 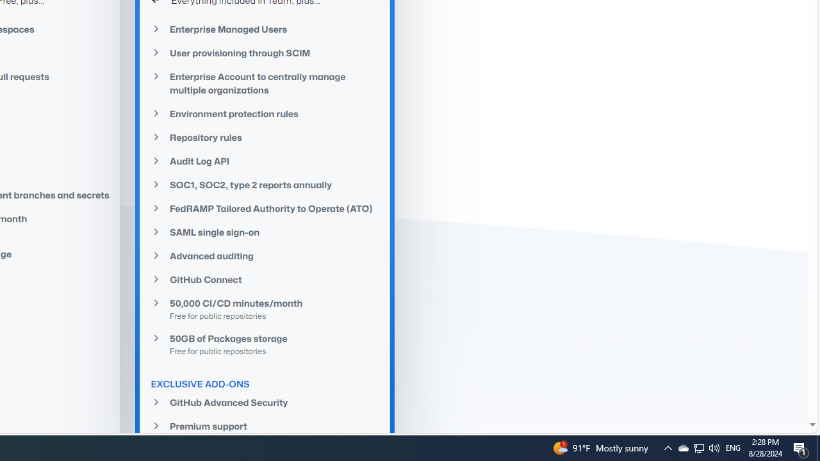 What do you see at coordinates (265, 29) in the screenshot?
I see `'Enterprise Managed Users'` at bounding box center [265, 29].